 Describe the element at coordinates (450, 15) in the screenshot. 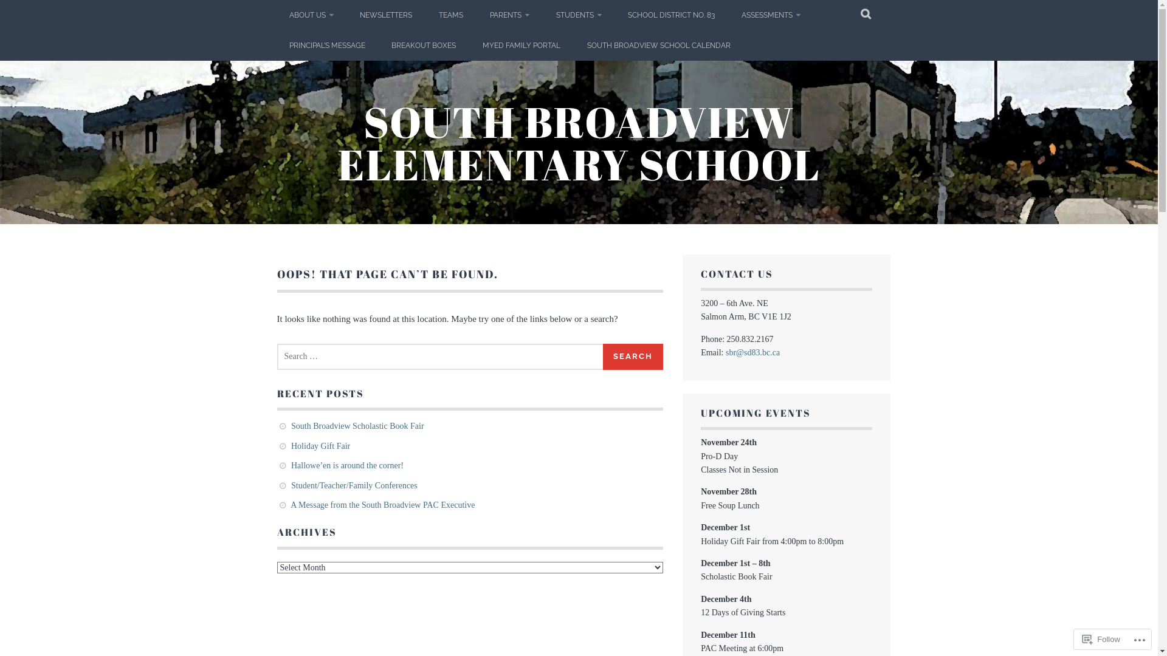

I see `'TEAMS'` at that location.